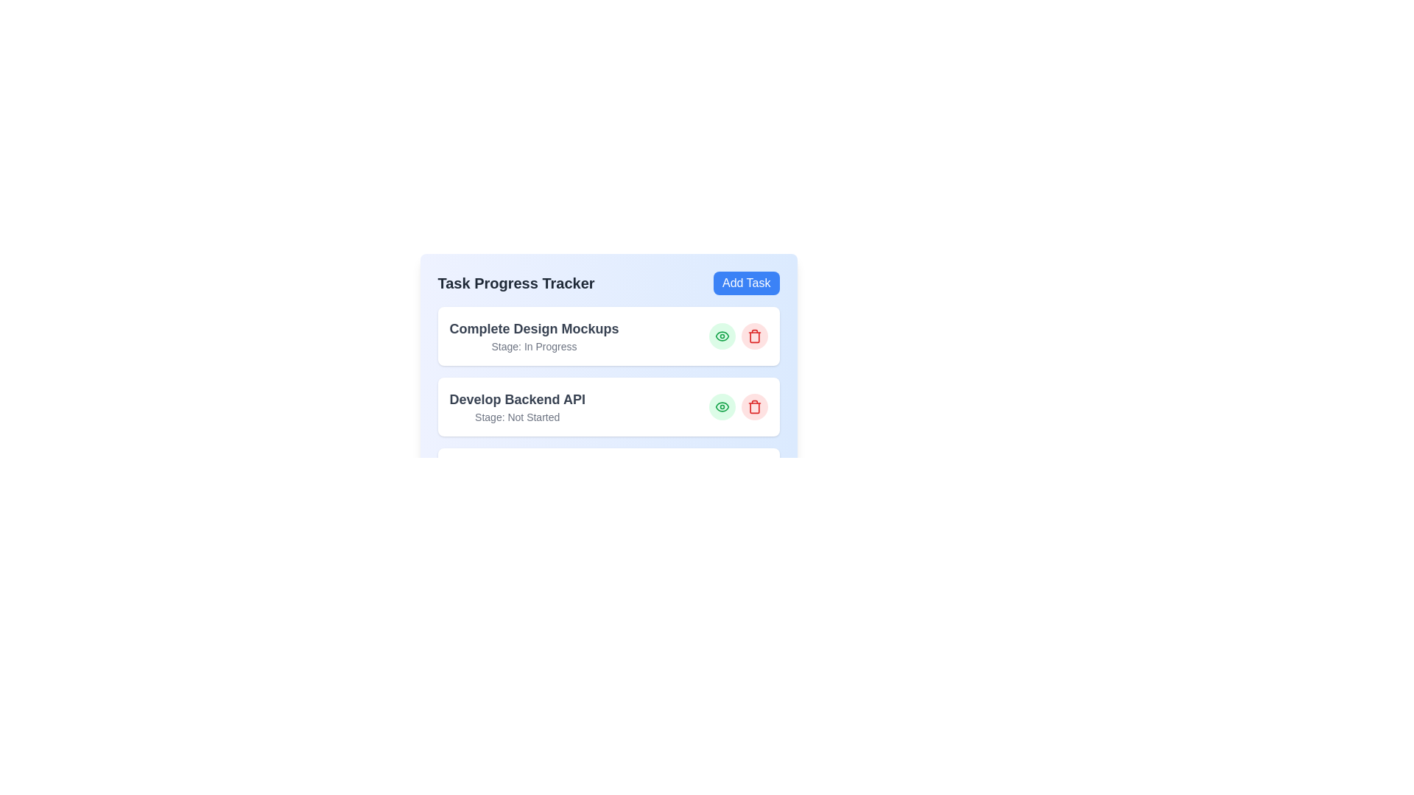  I want to click on the 'Trash' button for the task Develop Backend API, so click(754, 406).